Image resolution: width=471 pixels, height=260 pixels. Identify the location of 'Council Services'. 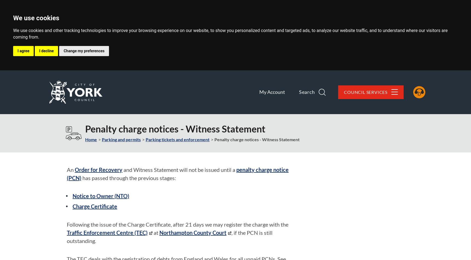
(344, 92).